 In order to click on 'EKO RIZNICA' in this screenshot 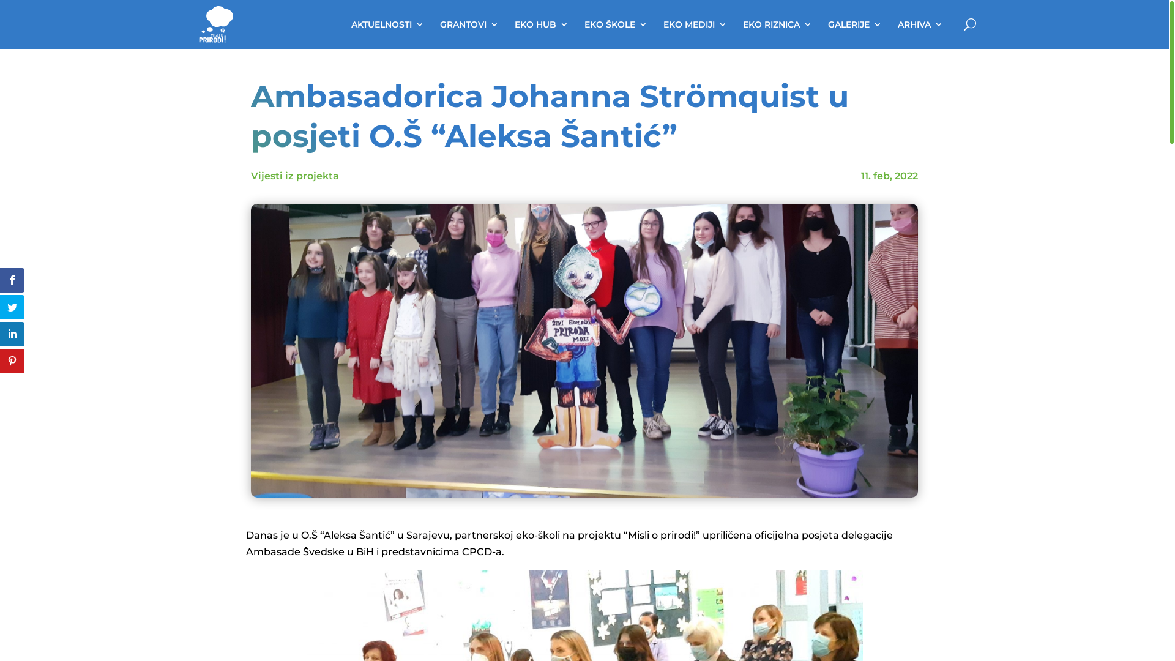, I will do `click(777, 24)`.